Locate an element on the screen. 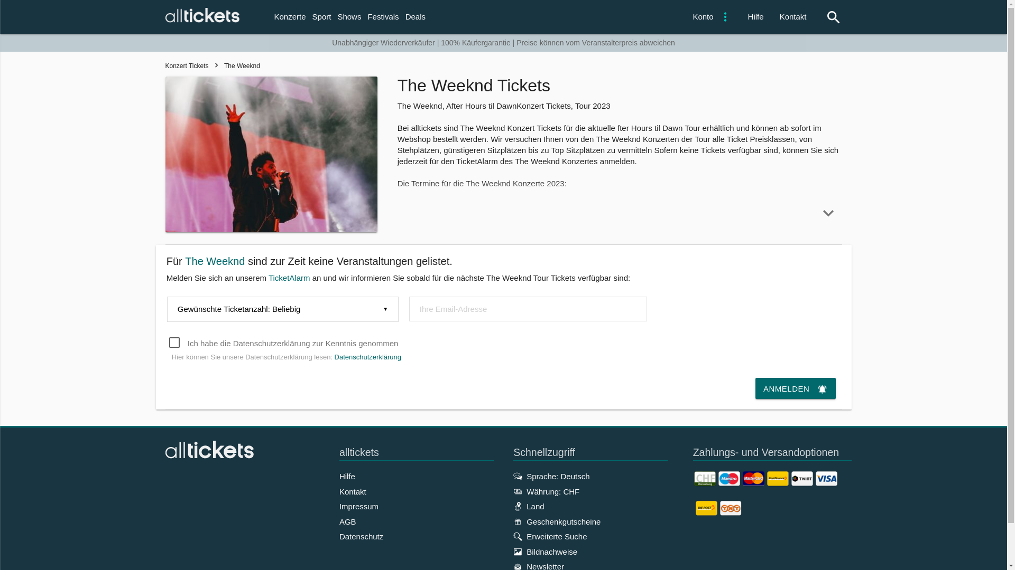 This screenshot has height=570, width=1015. 'ANMELDEN is located at coordinates (796, 388).